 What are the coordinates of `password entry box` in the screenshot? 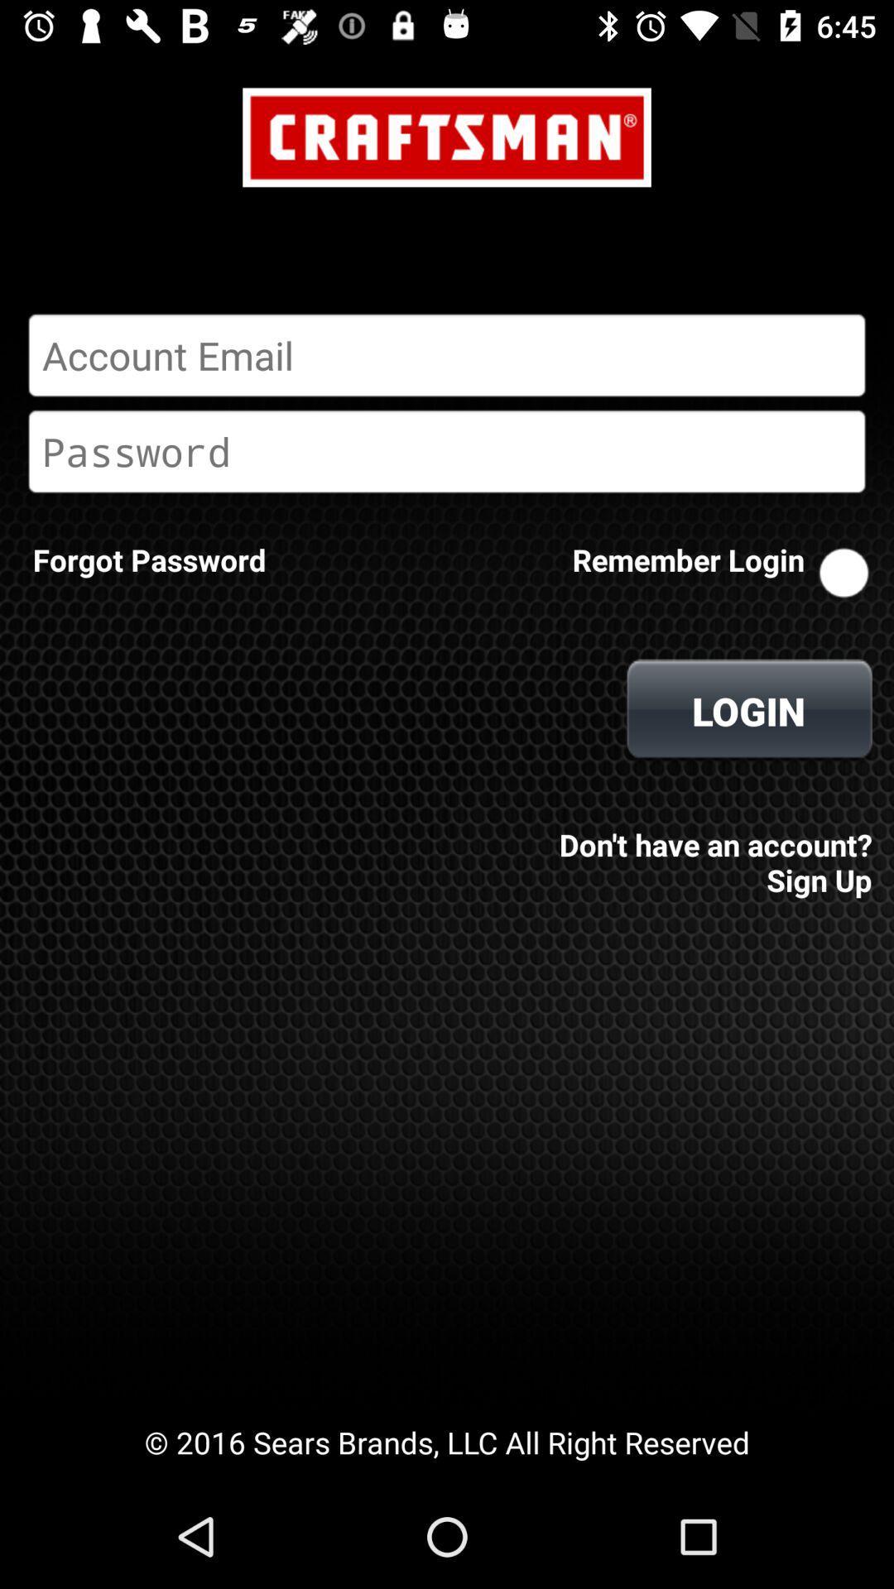 It's located at (447, 451).